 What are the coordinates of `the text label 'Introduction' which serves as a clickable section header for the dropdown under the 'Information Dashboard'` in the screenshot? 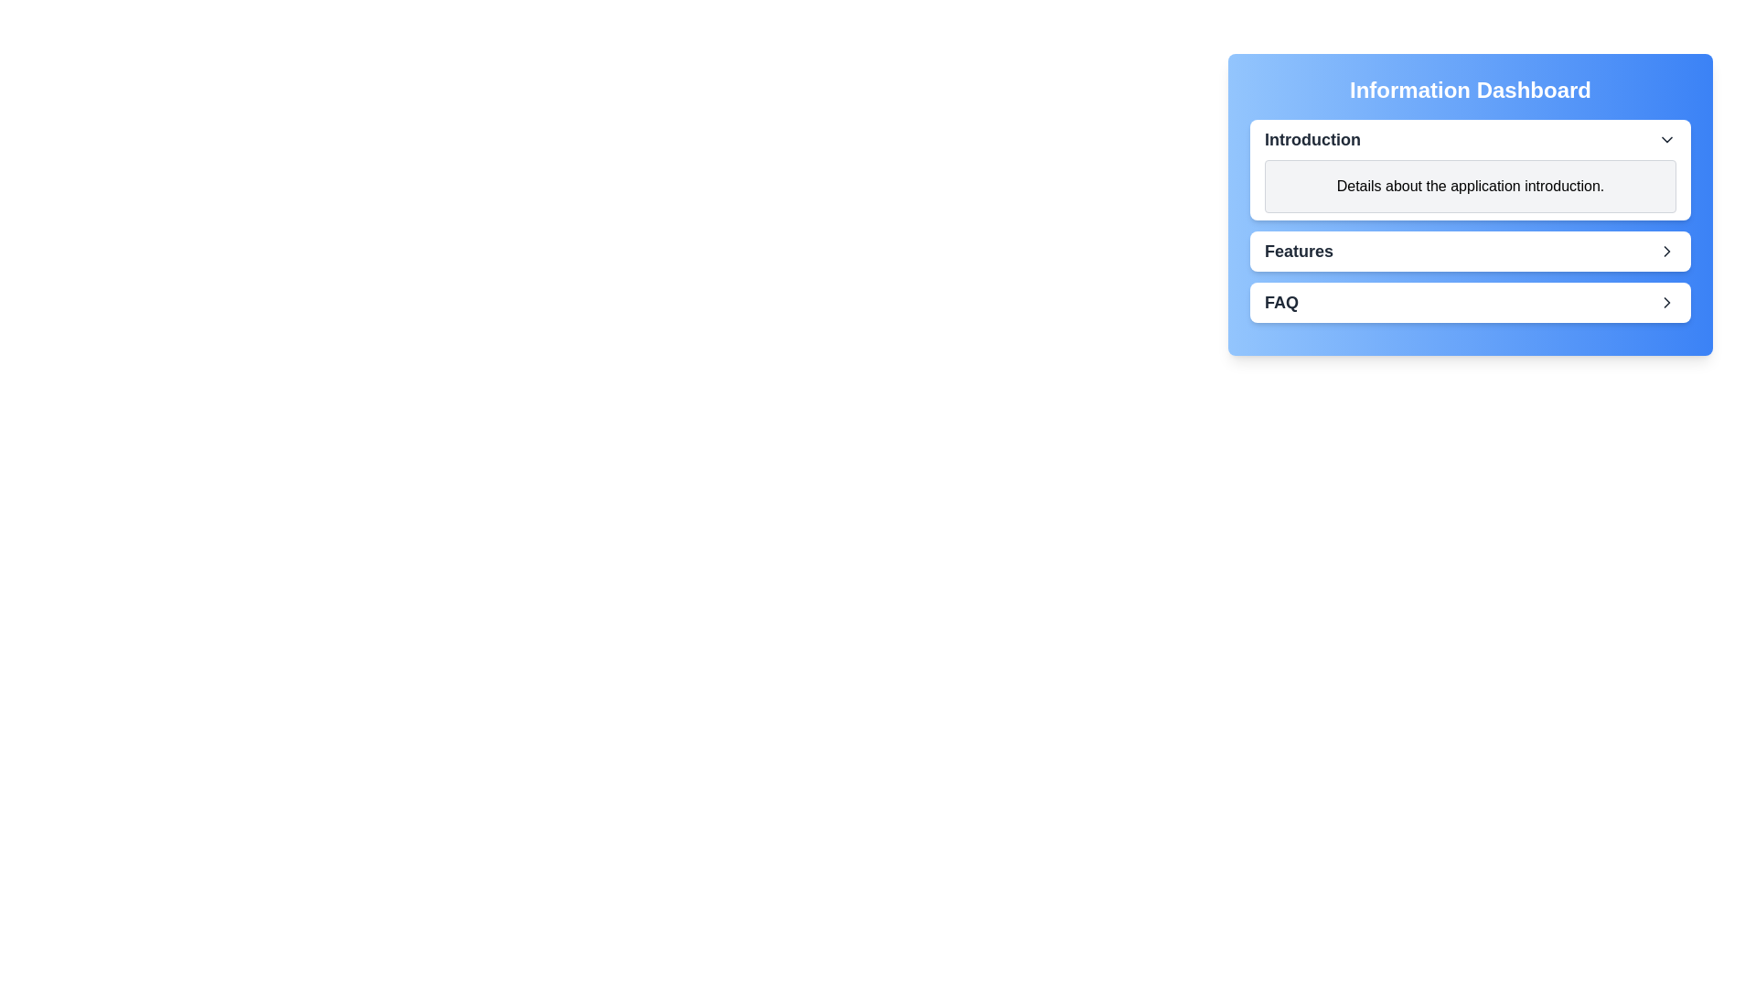 It's located at (1312, 139).